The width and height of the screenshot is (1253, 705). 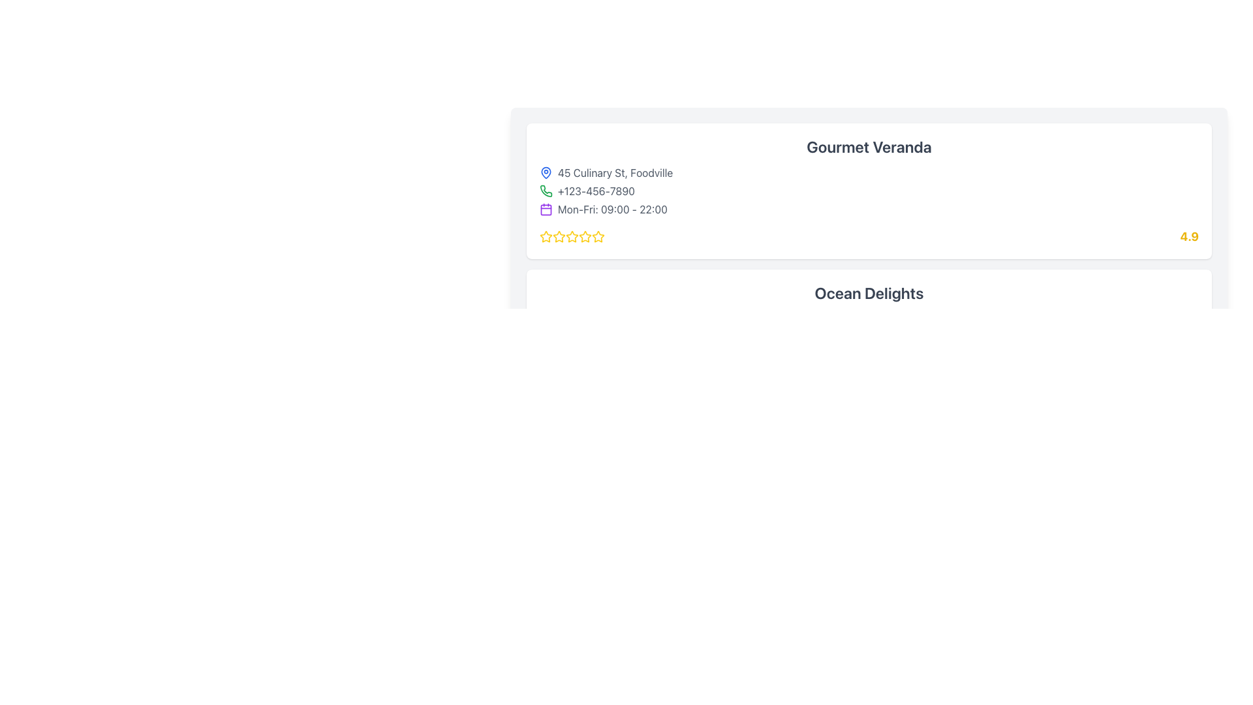 I want to click on the fourth star icon in the rating system for 'Gourmet Veranda', so click(x=585, y=236).